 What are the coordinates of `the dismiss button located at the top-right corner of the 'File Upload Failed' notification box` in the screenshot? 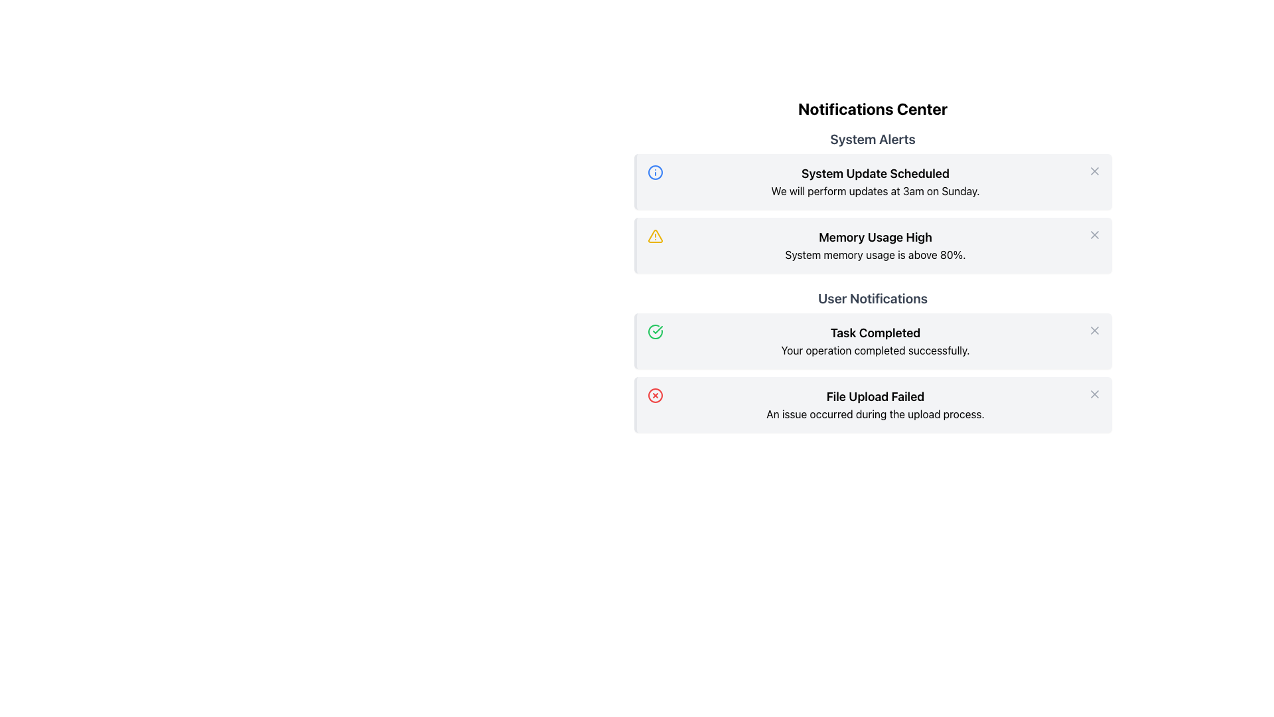 It's located at (1094, 394).